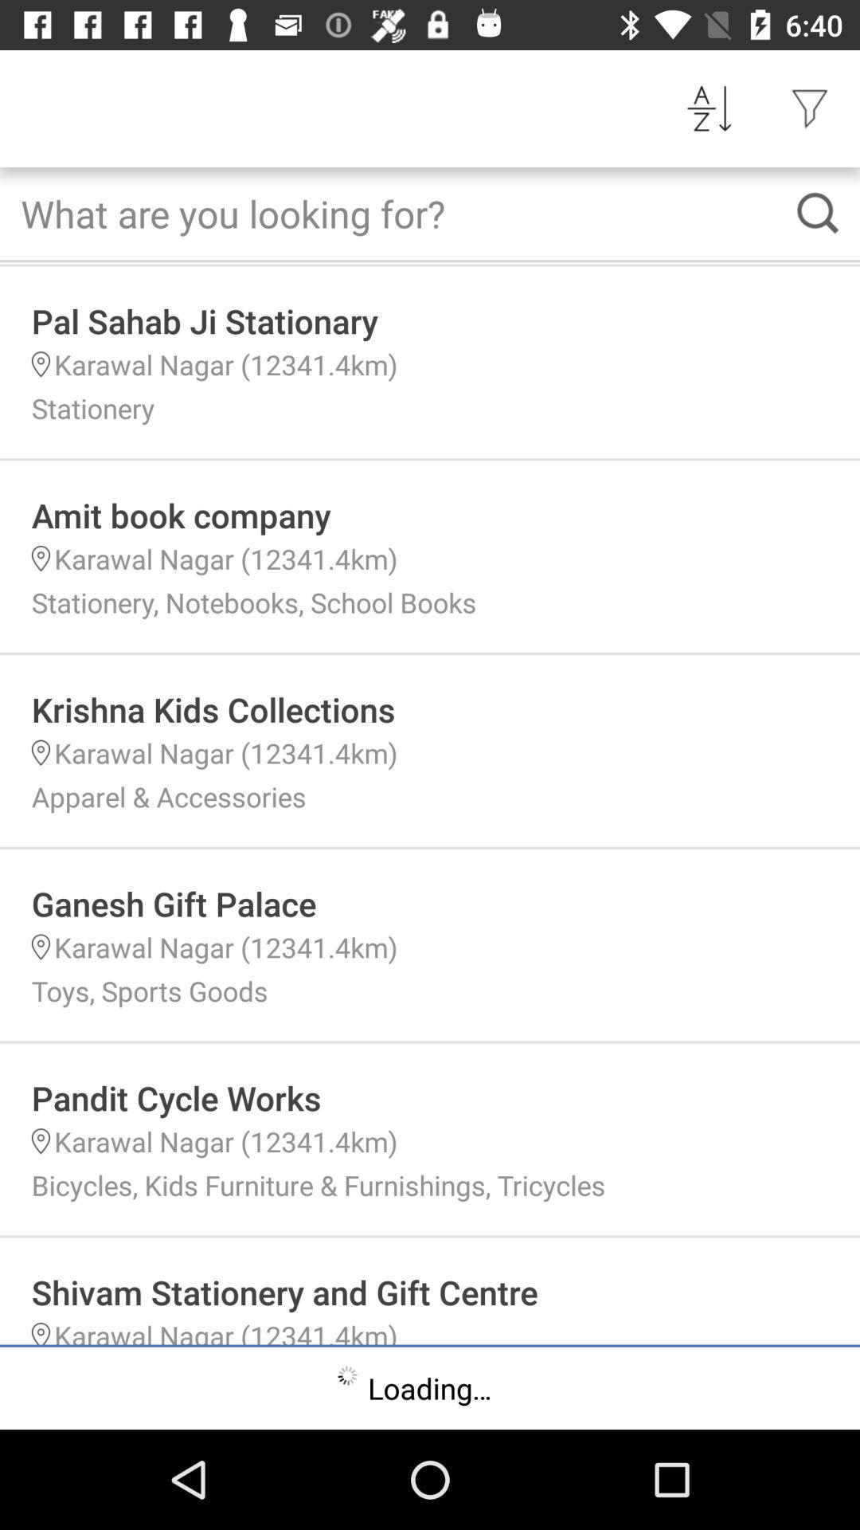 The height and width of the screenshot is (1530, 860). What do you see at coordinates (818, 212) in the screenshot?
I see `the search icon` at bounding box center [818, 212].